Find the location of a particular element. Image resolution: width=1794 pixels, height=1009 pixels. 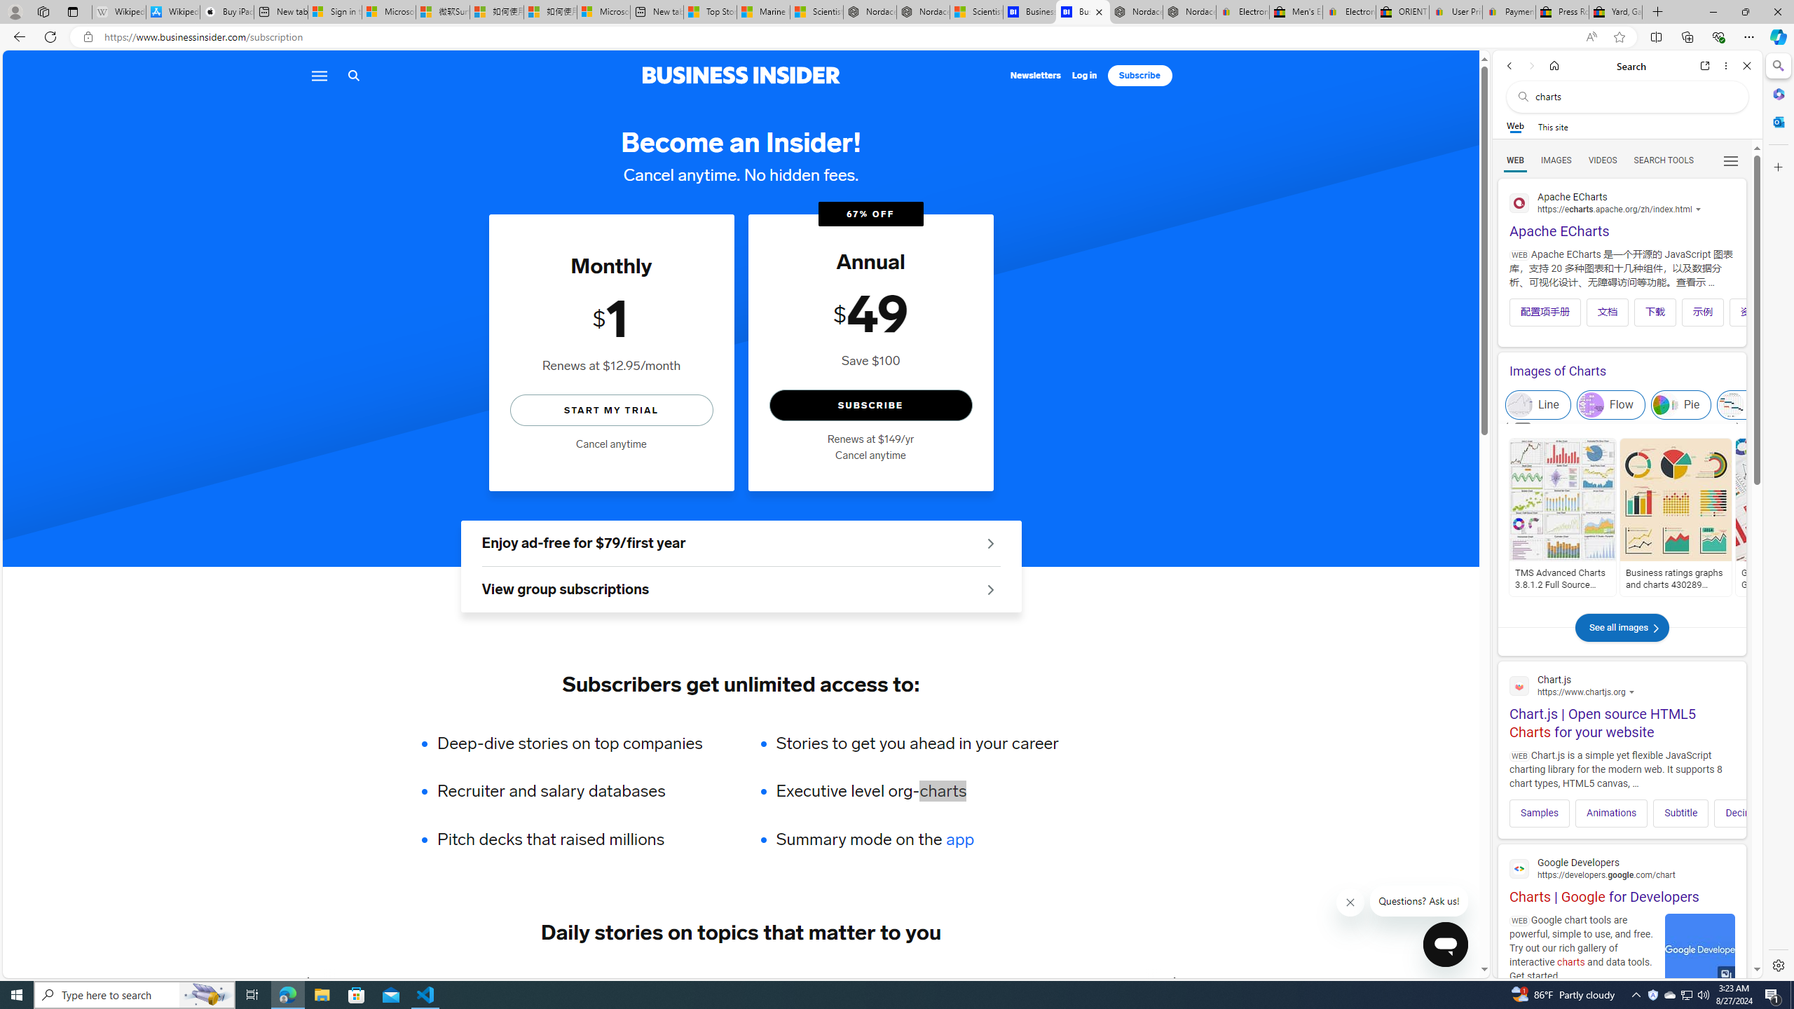

'Search Filter, IMAGES' is located at coordinates (1555, 159).